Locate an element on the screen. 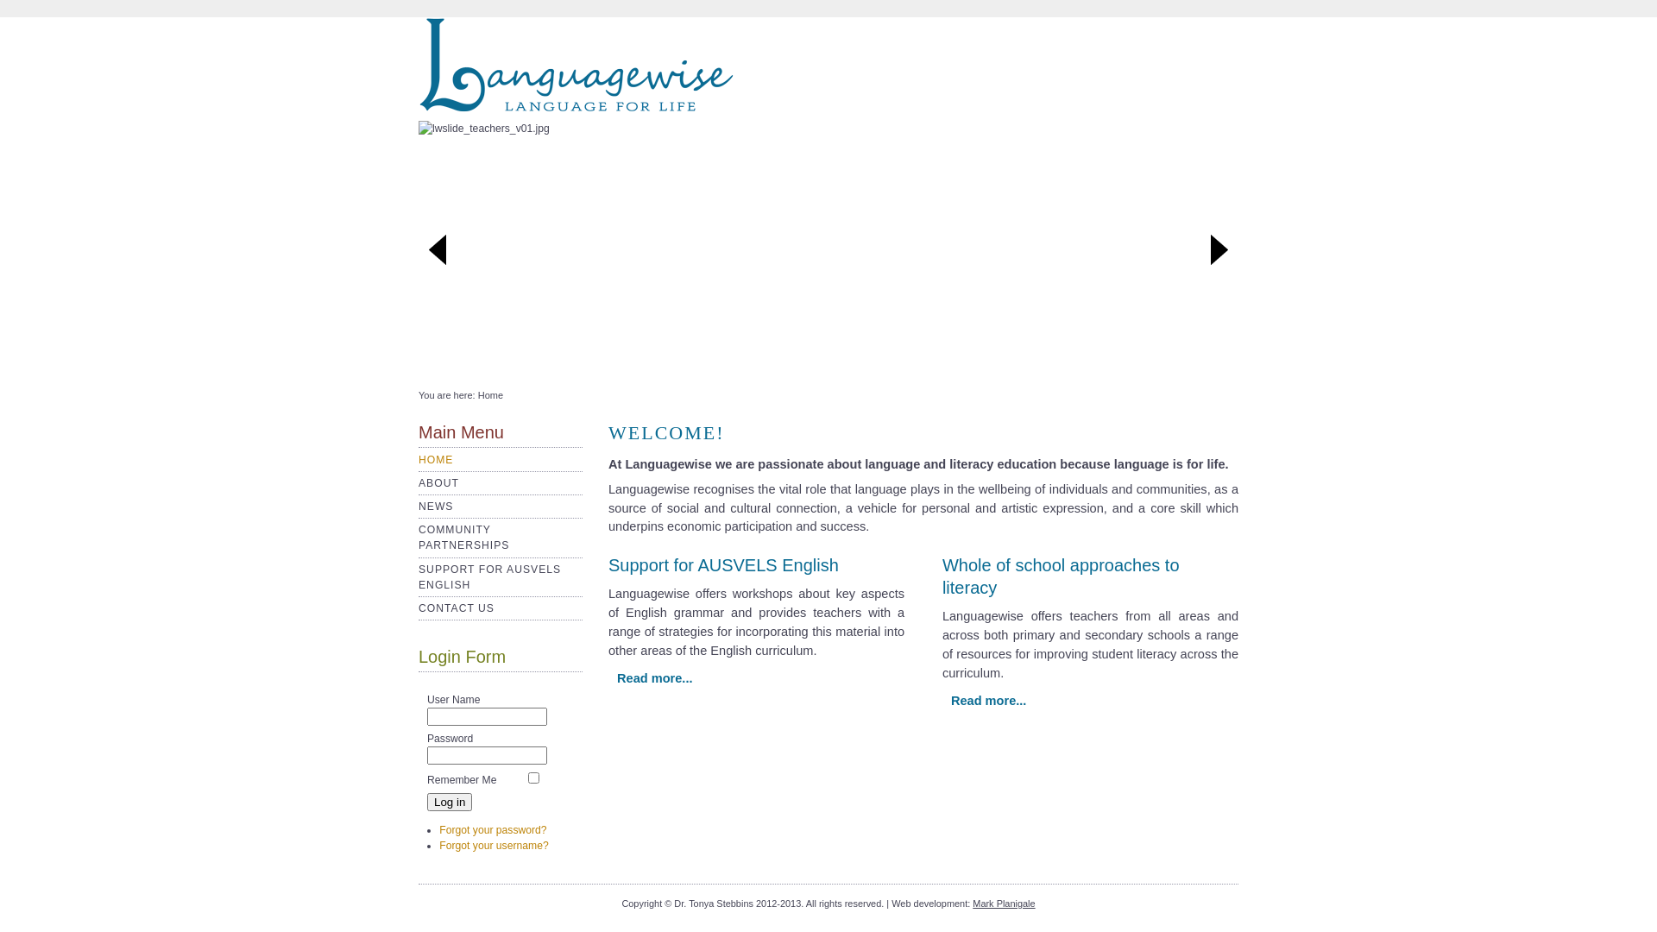 The height and width of the screenshot is (932, 1657). 'Read more...' is located at coordinates (653, 677).